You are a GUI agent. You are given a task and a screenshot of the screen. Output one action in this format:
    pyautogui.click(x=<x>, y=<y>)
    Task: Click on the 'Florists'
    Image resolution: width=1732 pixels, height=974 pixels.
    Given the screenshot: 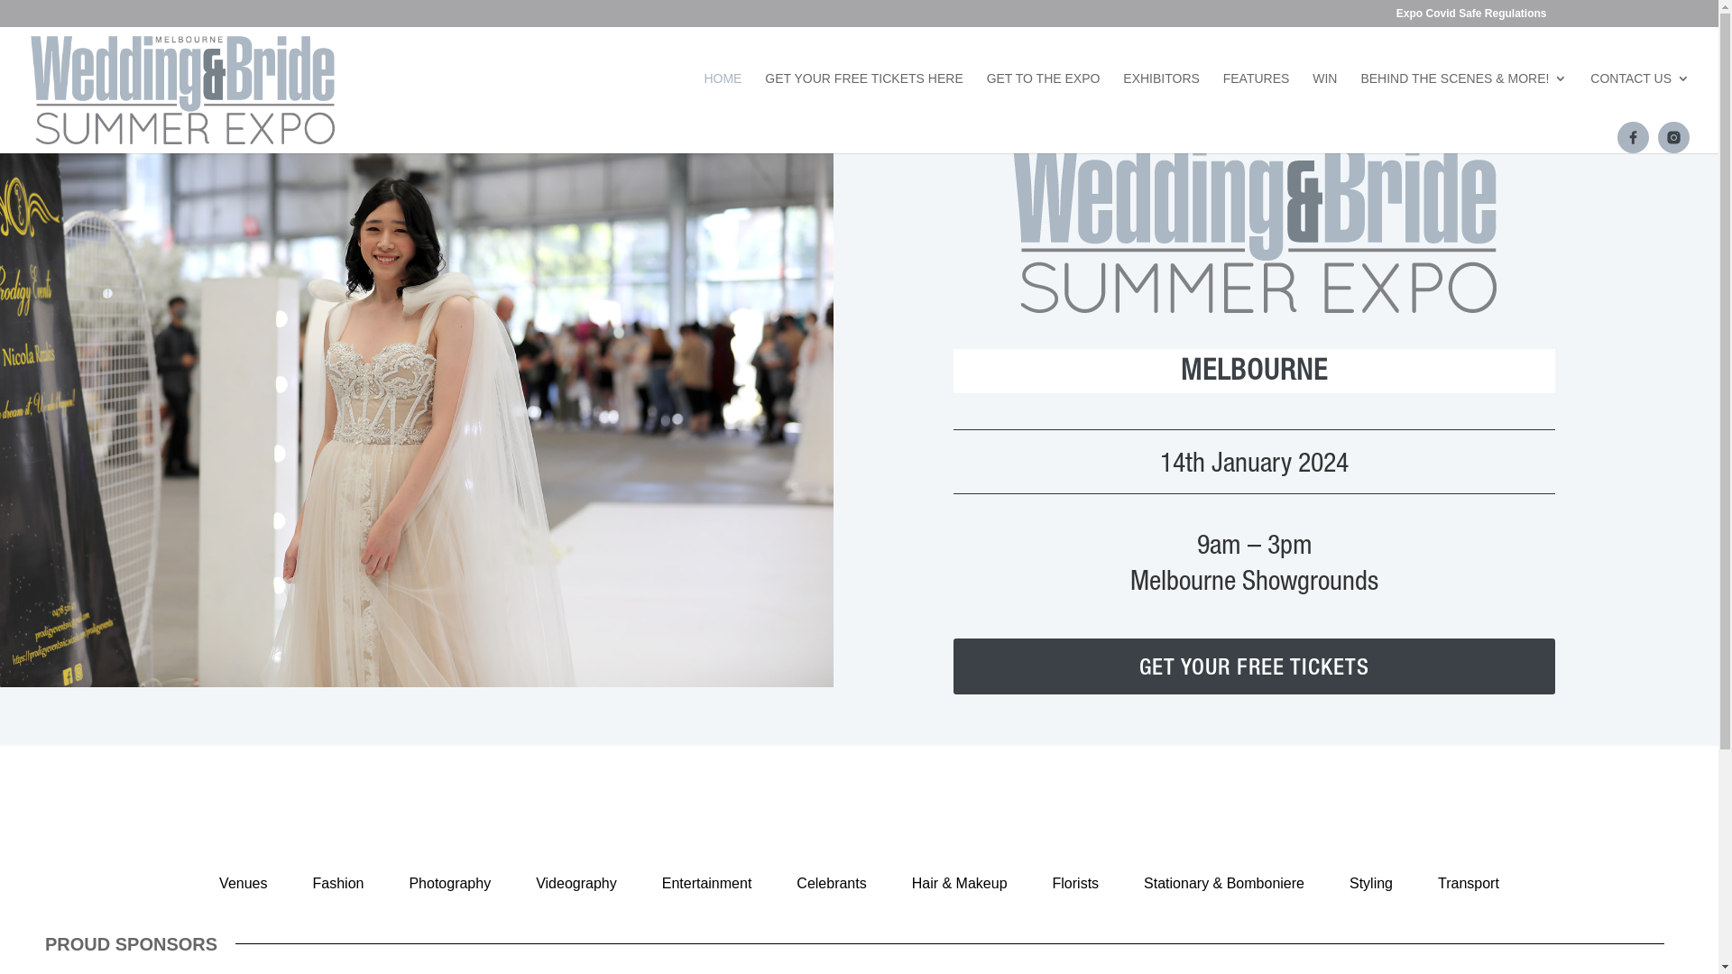 What is the action you would take?
    pyautogui.click(x=1076, y=882)
    